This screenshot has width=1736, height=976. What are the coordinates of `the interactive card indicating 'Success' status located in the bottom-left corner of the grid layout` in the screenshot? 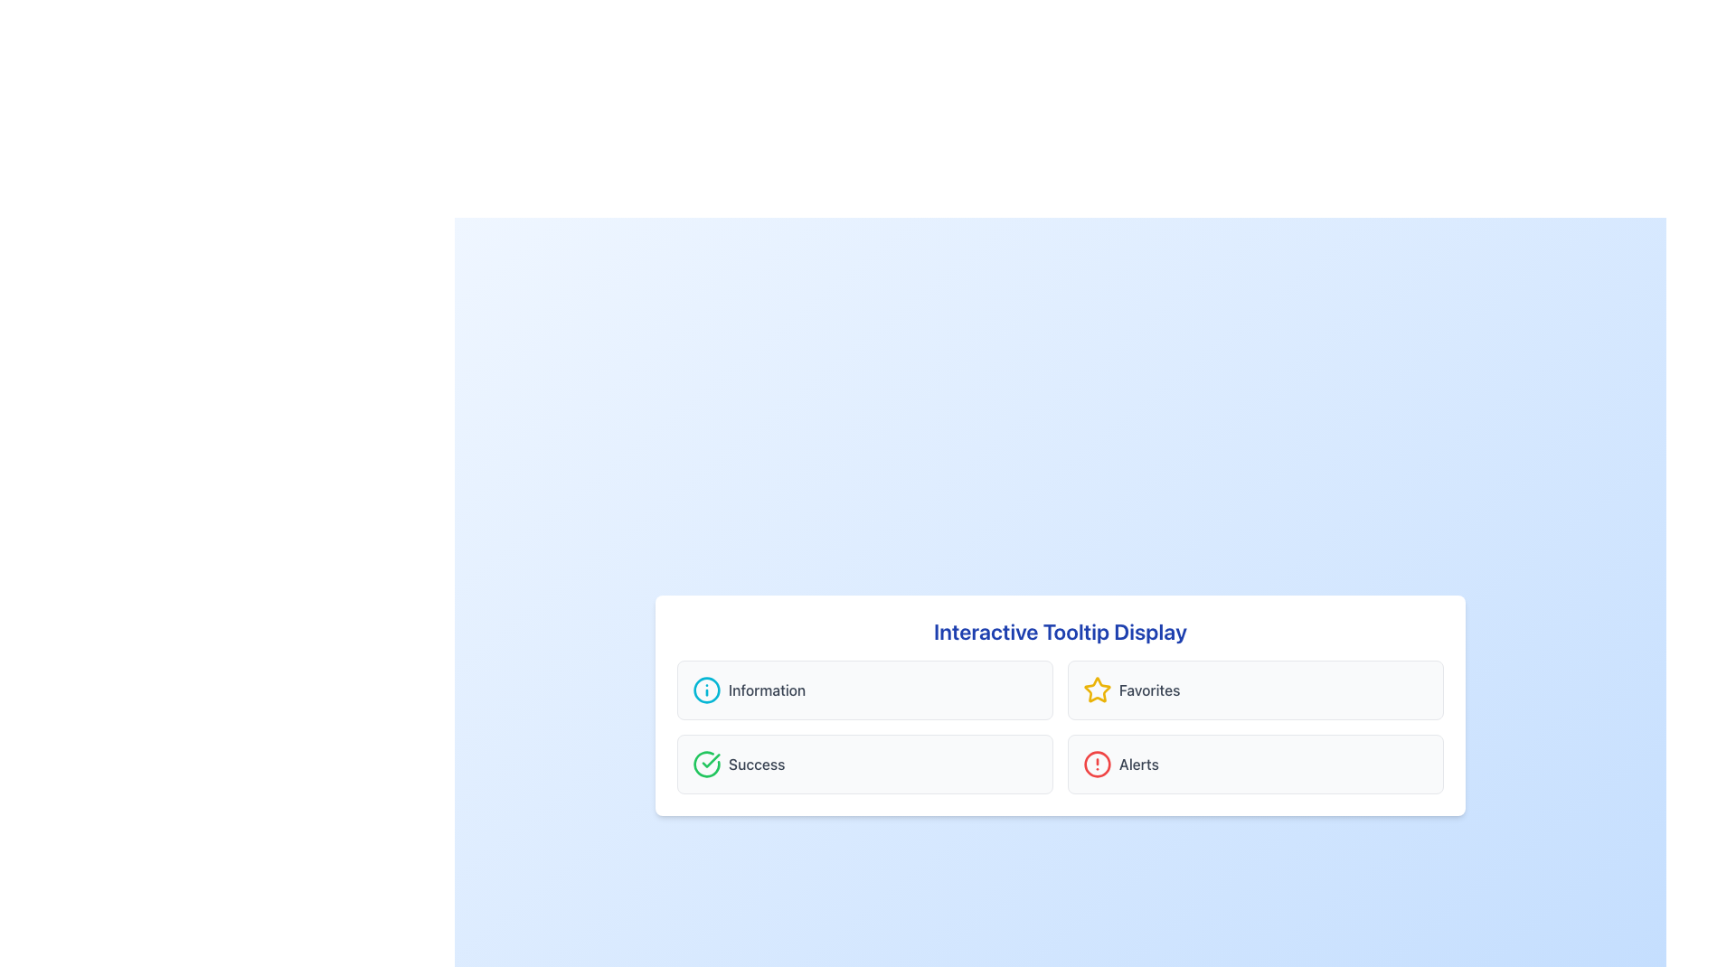 It's located at (863, 764).